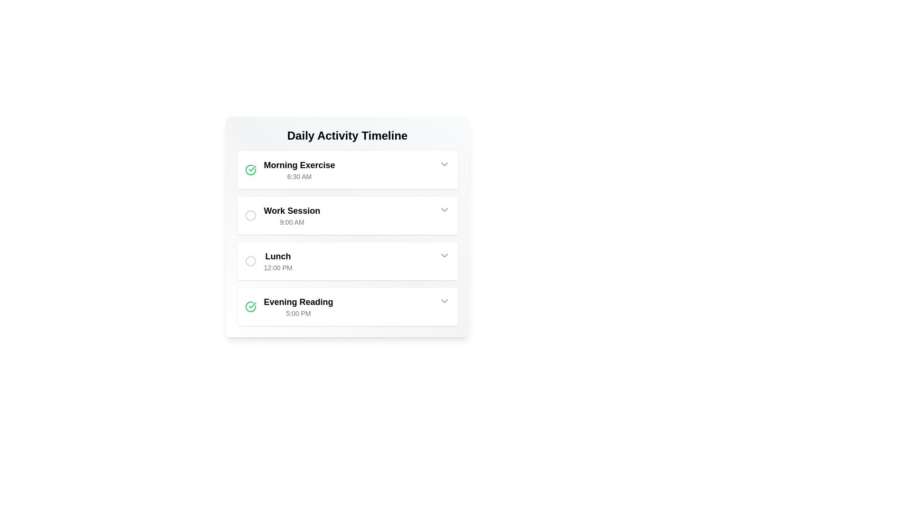 The image size is (912, 513). I want to click on the text label that serves as the title or header for the fourth item in the Daily Activity Timeline section, so click(298, 302).